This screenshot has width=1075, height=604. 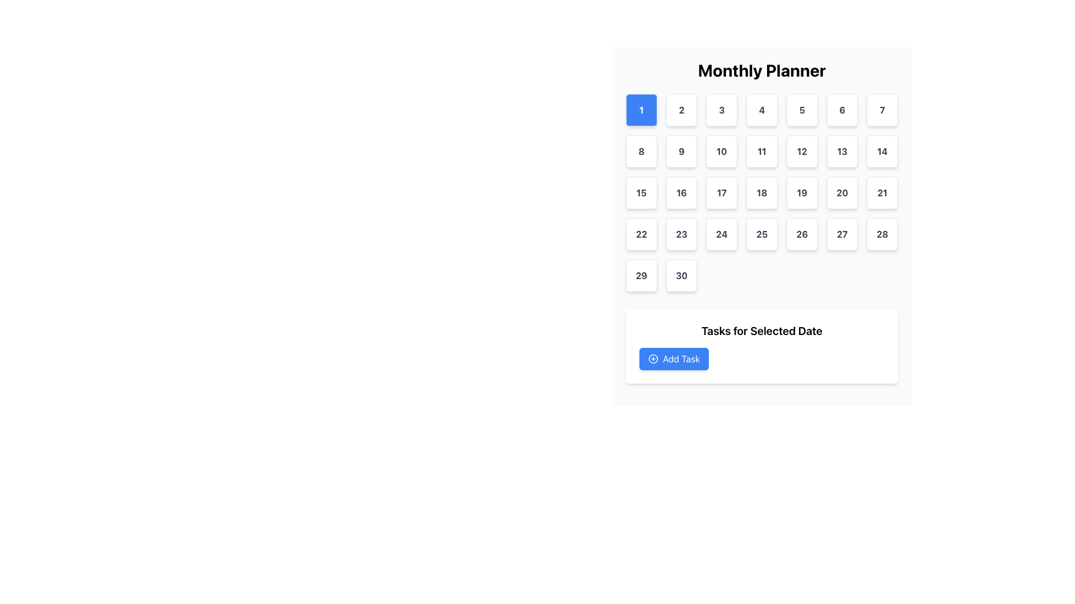 I want to click on the selectable date button in the calendar view located in the first column of the fourth row, which is between the elements labeled '15' and '29', so click(x=641, y=234).